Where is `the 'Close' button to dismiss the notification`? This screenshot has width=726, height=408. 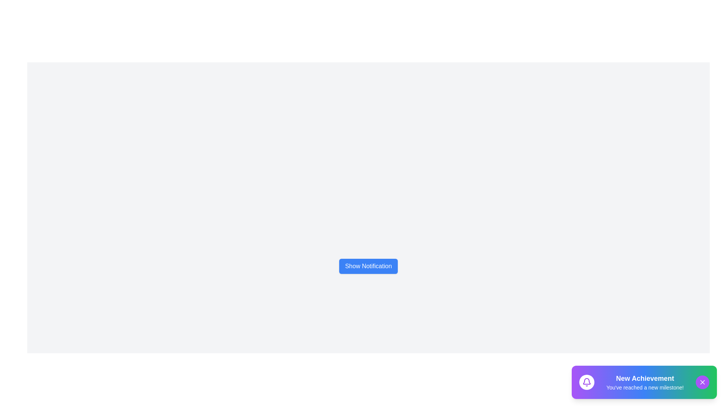 the 'Close' button to dismiss the notification is located at coordinates (702, 382).